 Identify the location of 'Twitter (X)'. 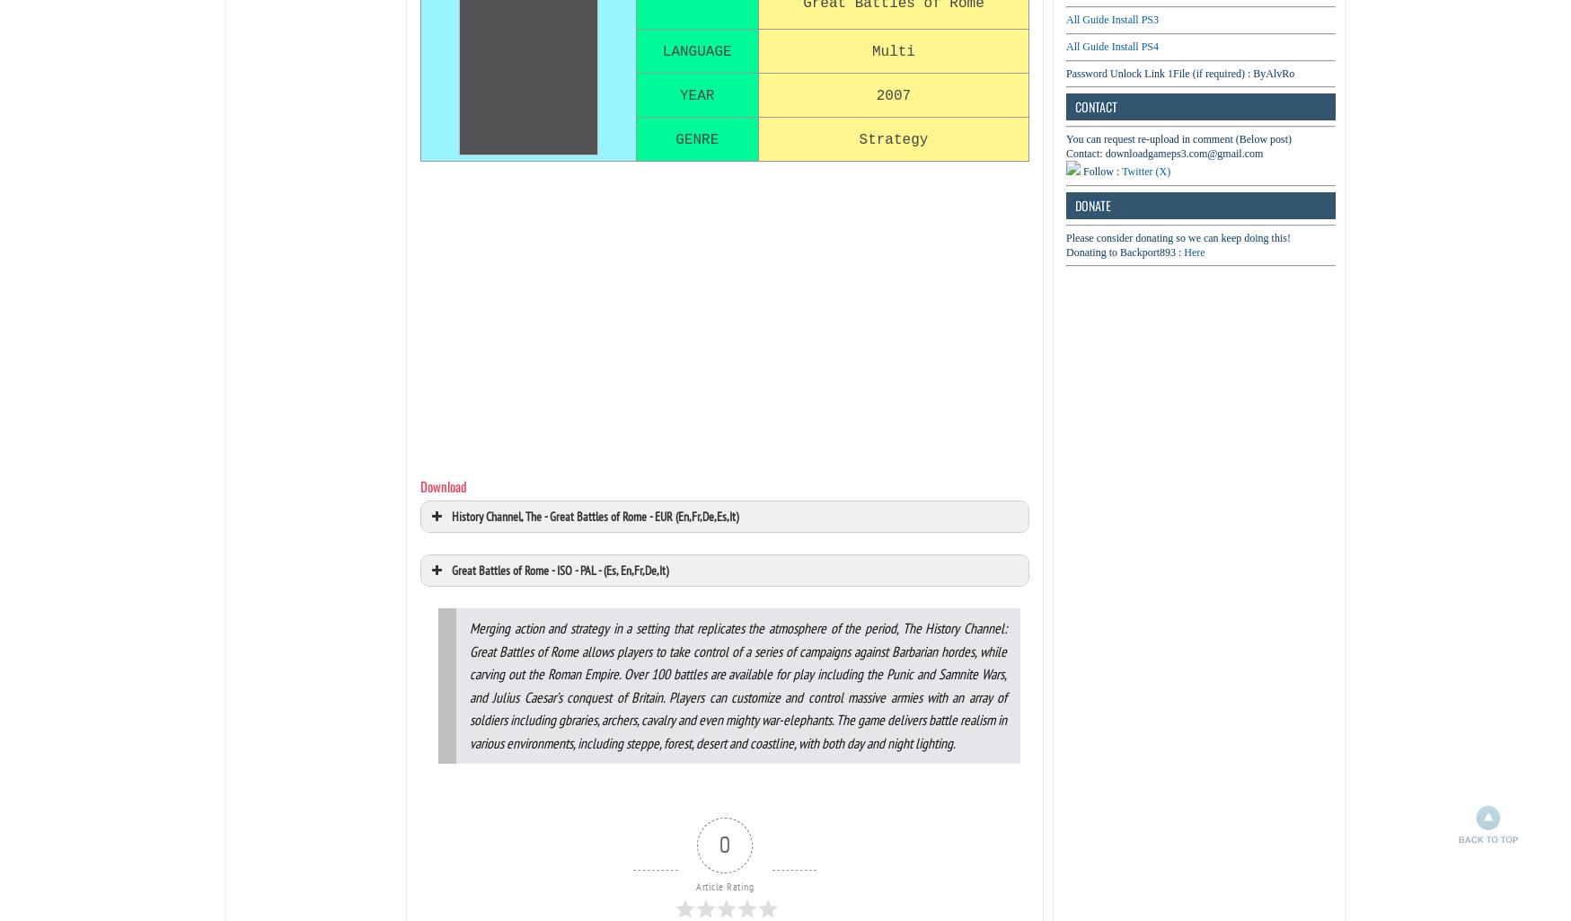
(1145, 171).